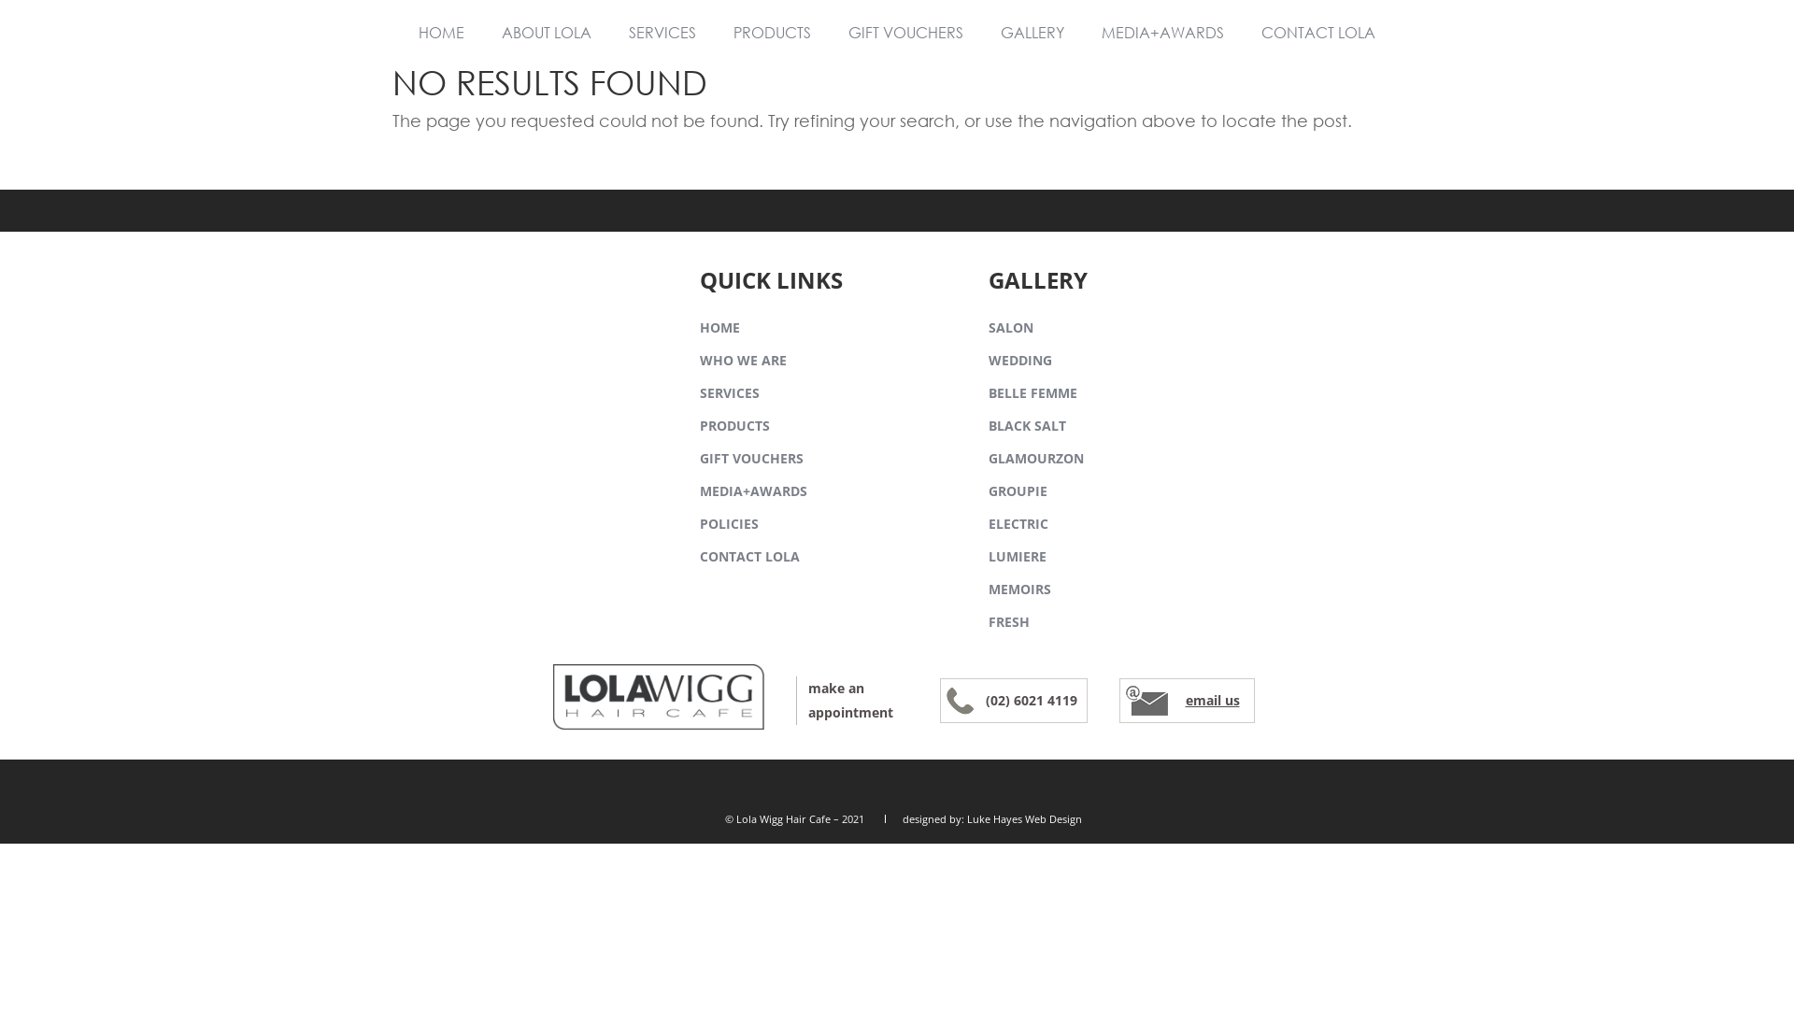  What do you see at coordinates (1017, 557) in the screenshot?
I see `'LUMIERE'` at bounding box center [1017, 557].